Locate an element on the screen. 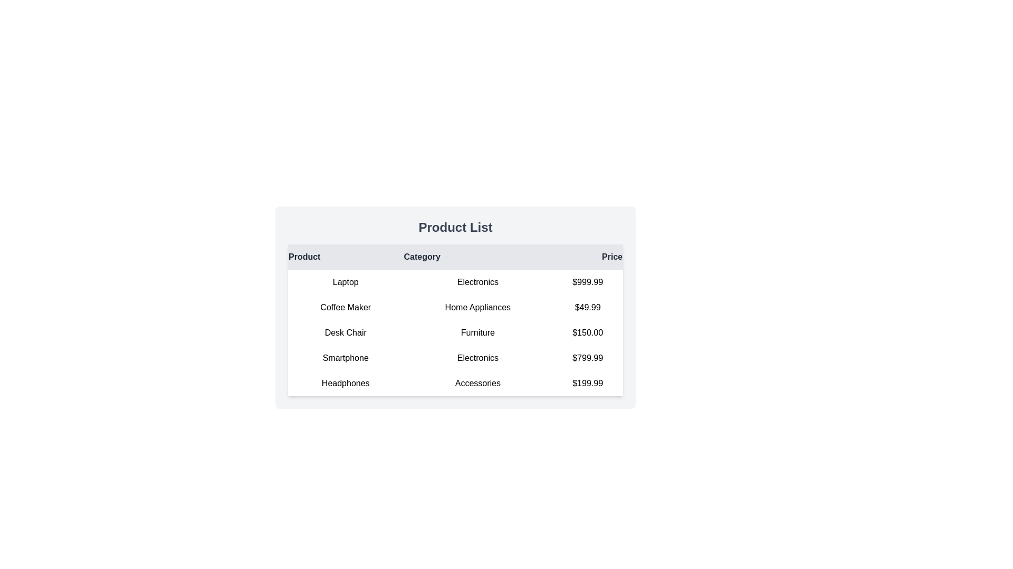 This screenshot has width=1013, height=569. the Text Label displaying the product name in the first row of the table under the 'Product' column is located at coordinates (346, 282).